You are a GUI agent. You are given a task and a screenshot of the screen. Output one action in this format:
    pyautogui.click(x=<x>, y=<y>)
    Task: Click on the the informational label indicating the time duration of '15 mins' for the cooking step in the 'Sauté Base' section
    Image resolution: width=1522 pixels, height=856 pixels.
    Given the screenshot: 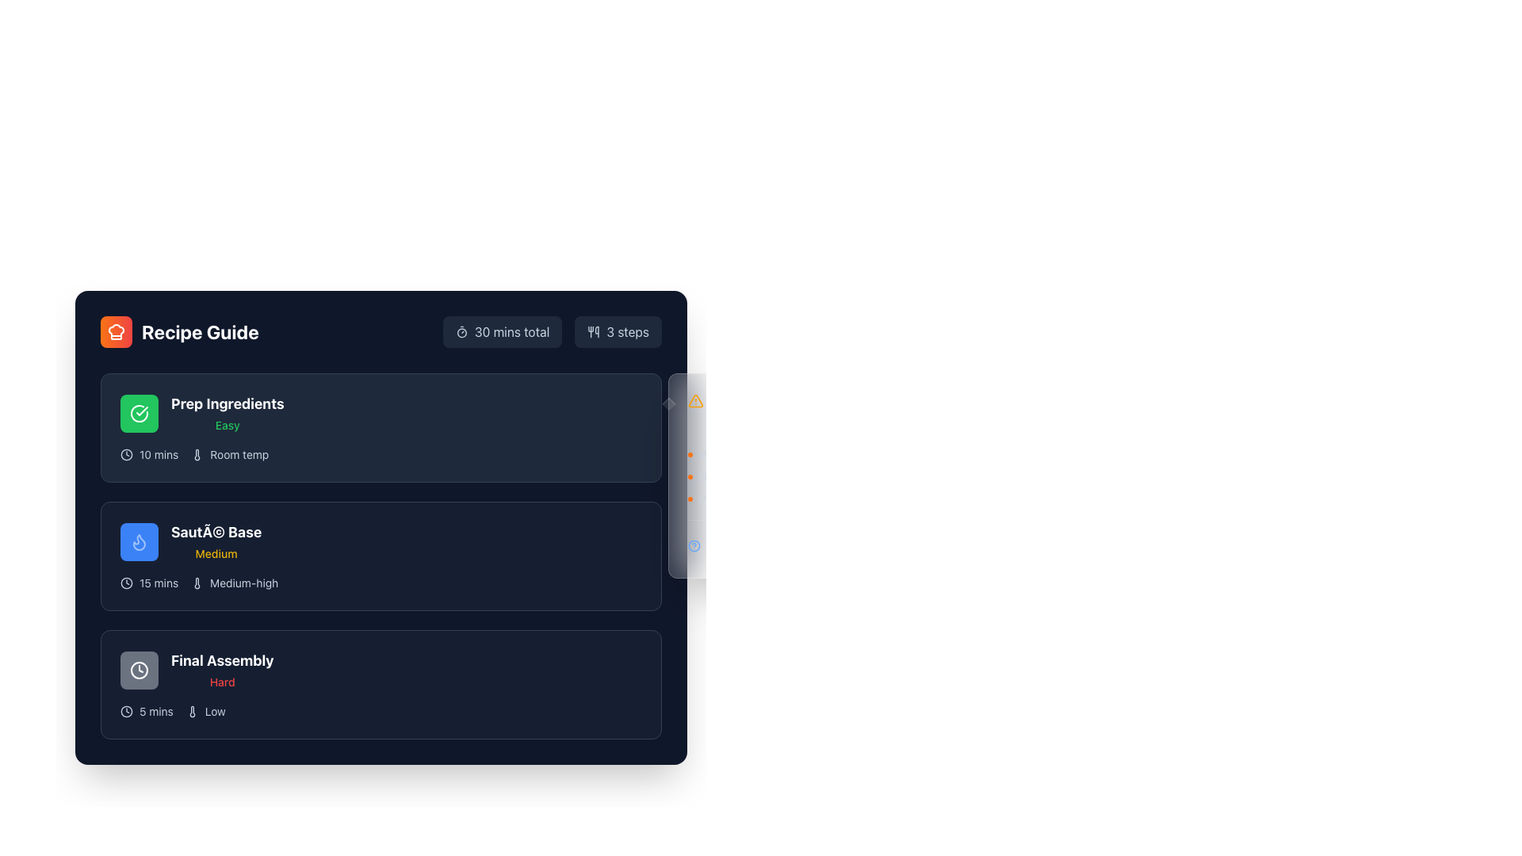 What is the action you would take?
    pyautogui.click(x=149, y=583)
    